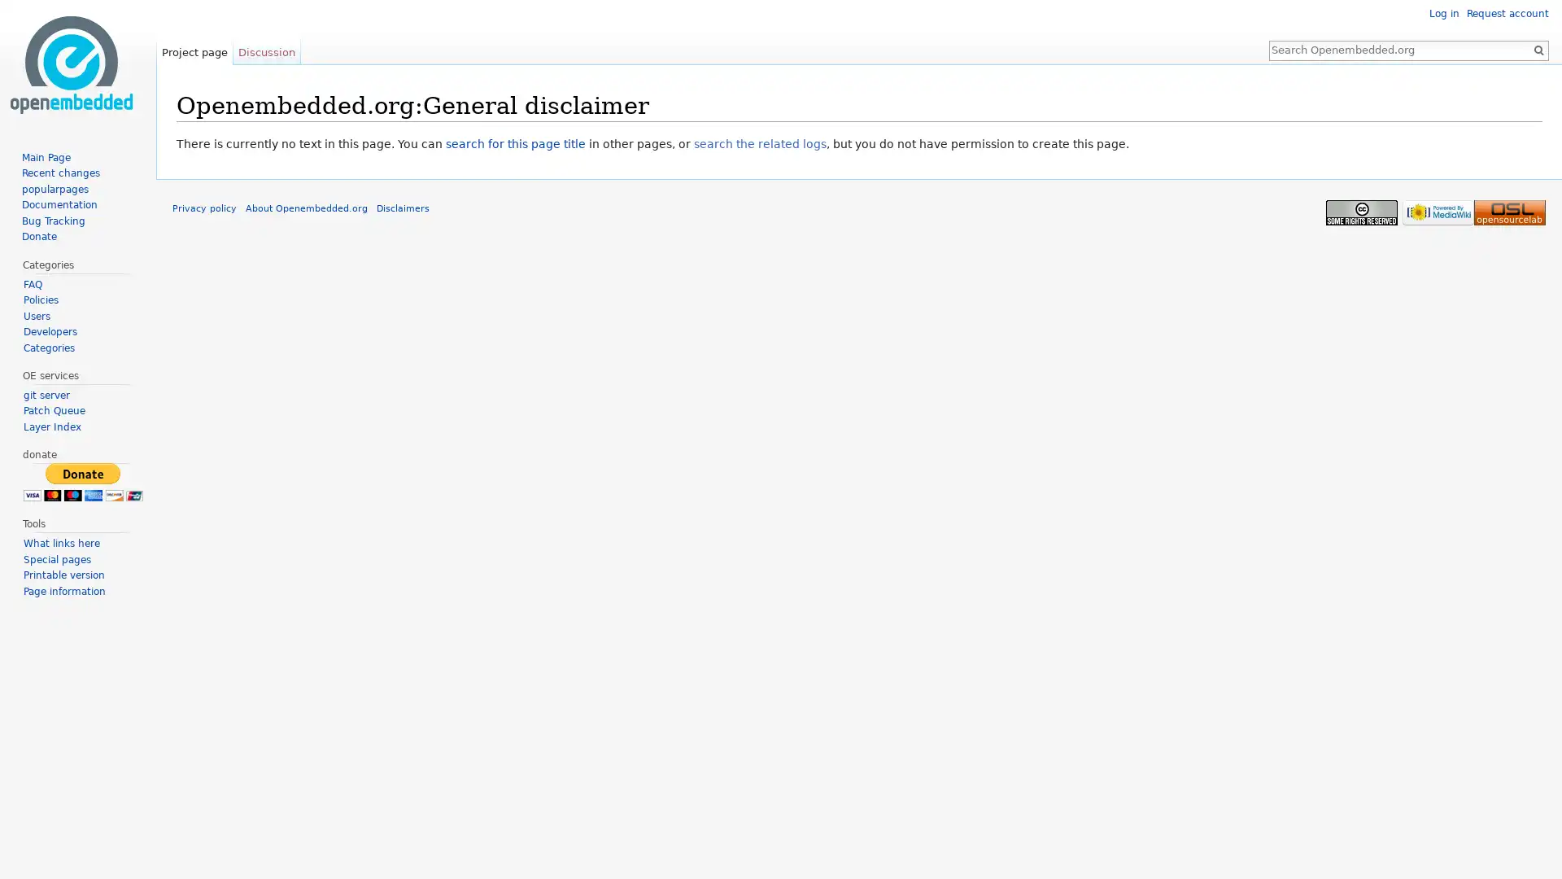 The image size is (1562, 879). What do you see at coordinates (81, 481) in the screenshot?
I see `PayPal - The safer, easier way to pay online!` at bounding box center [81, 481].